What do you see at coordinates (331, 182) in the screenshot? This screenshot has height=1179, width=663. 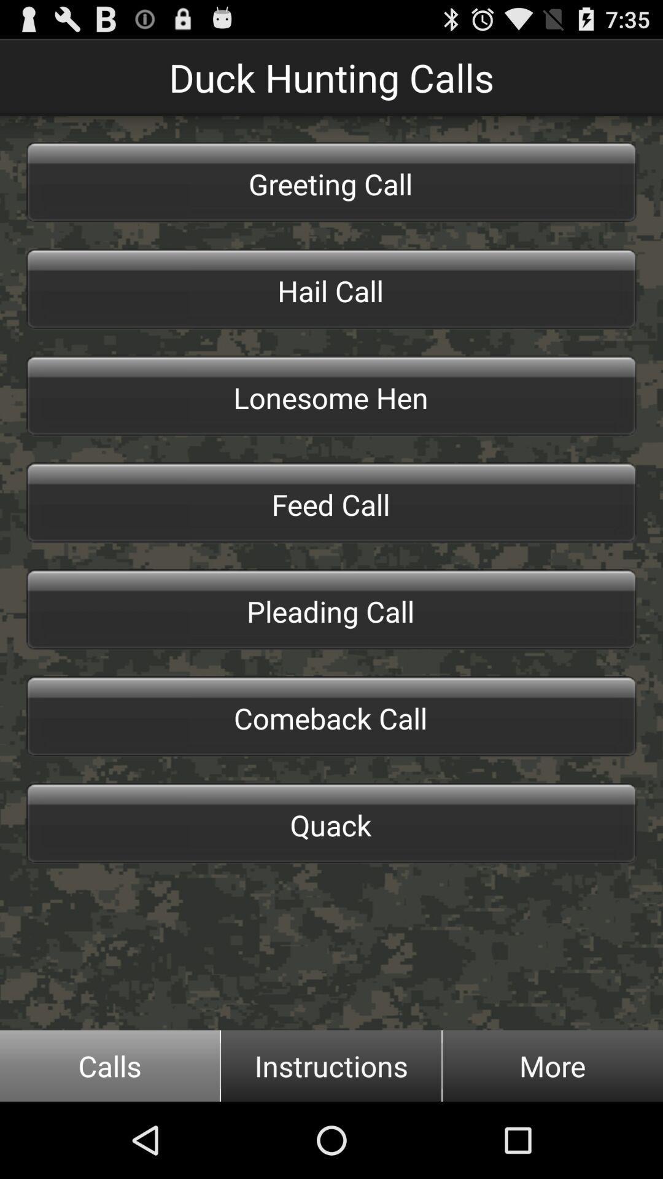 I see `the item above the hail call` at bounding box center [331, 182].